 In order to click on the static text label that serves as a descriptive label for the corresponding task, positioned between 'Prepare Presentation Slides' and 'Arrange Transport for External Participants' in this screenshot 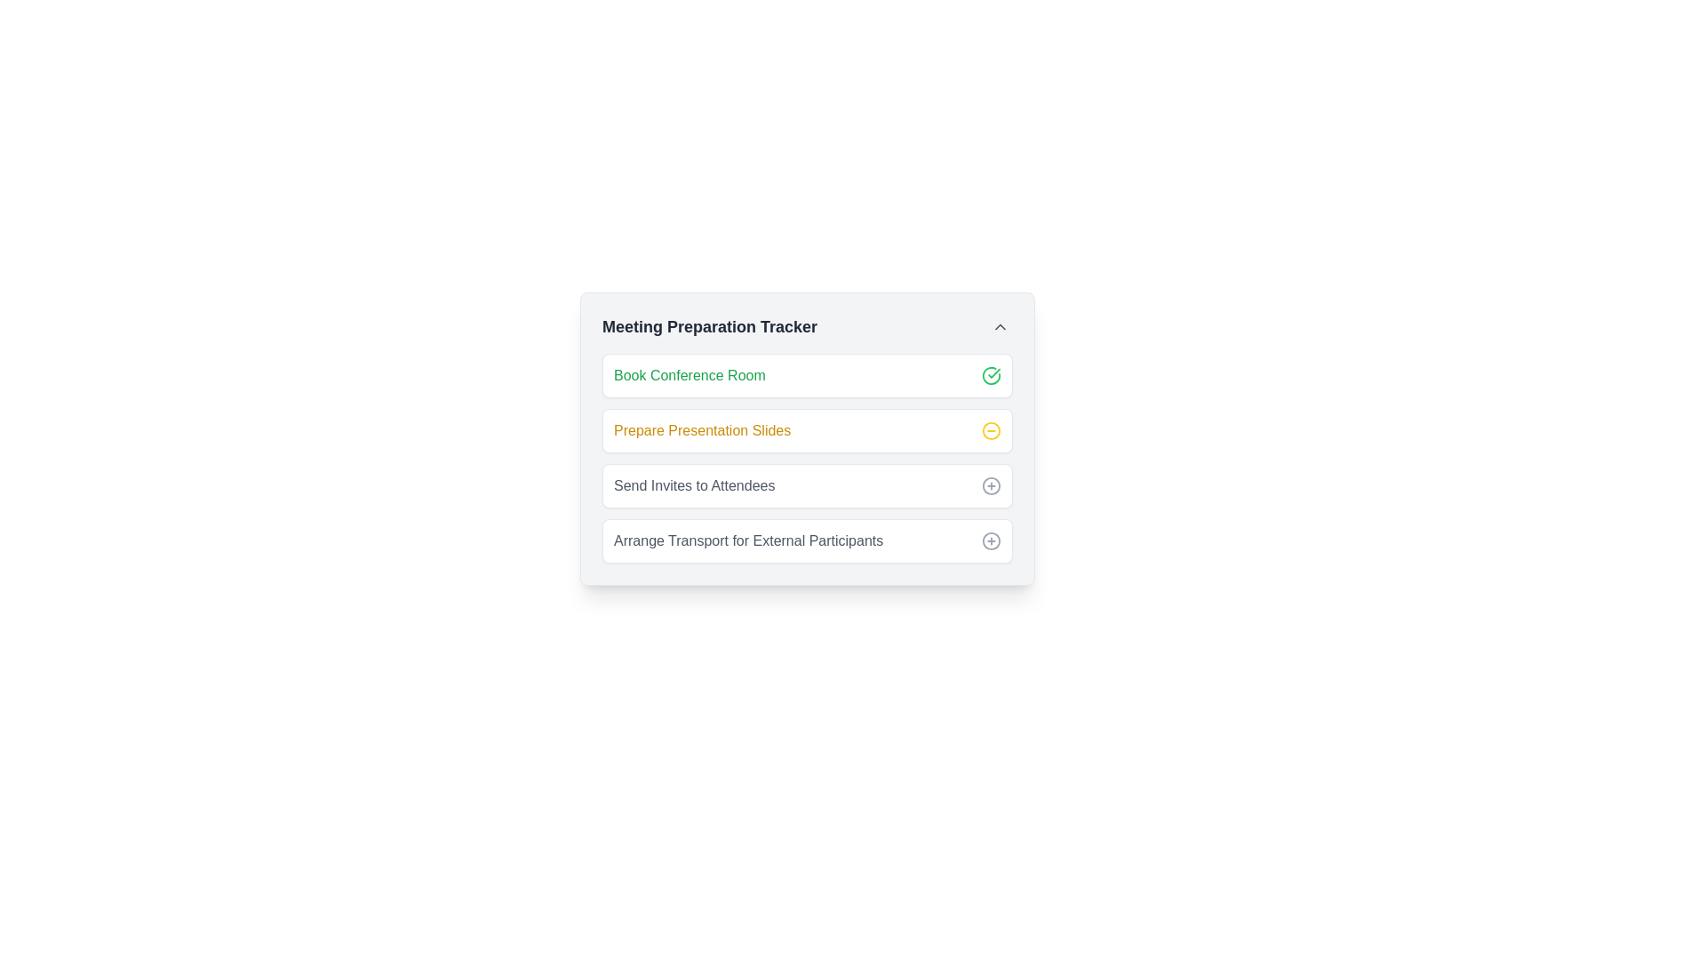, I will do `click(693, 486)`.